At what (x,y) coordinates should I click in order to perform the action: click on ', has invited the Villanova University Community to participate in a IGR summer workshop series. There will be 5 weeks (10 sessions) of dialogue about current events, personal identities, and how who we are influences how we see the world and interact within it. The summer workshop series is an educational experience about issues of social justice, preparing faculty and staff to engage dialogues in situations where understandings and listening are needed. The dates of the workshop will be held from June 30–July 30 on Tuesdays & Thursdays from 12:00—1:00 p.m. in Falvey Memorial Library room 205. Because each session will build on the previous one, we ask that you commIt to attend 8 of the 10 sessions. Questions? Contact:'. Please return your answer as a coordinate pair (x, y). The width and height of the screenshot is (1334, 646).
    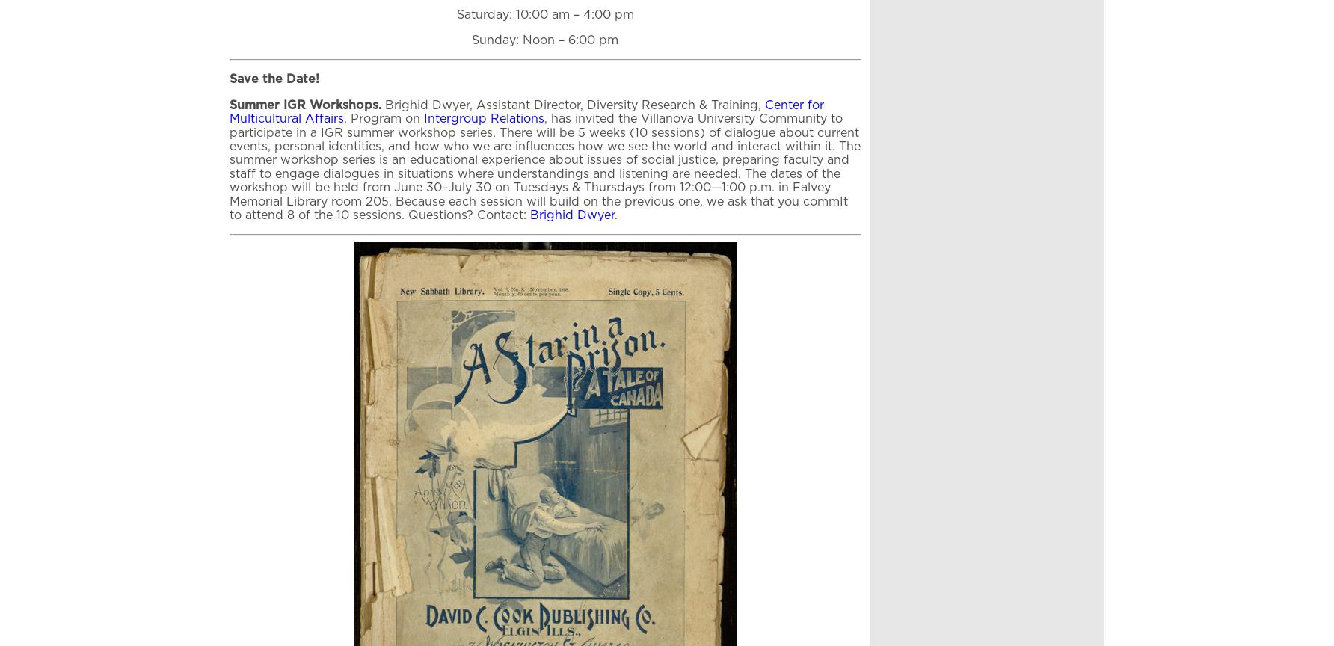
    Looking at the image, I should click on (544, 167).